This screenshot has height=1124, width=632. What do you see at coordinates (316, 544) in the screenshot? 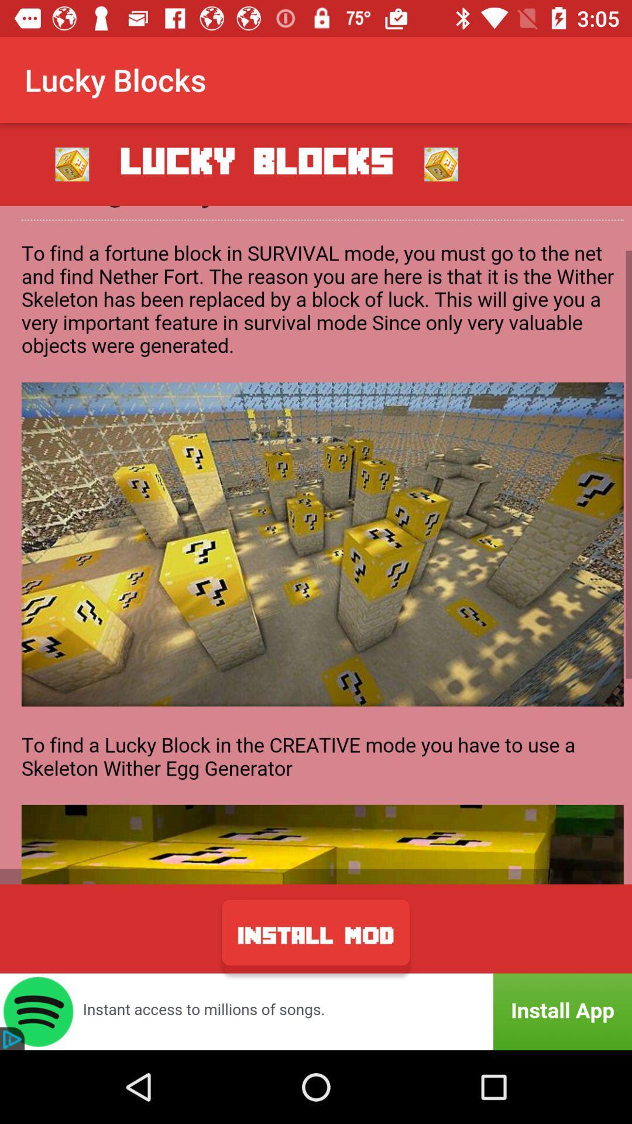
I see `game` at bounding box center [316, 544].